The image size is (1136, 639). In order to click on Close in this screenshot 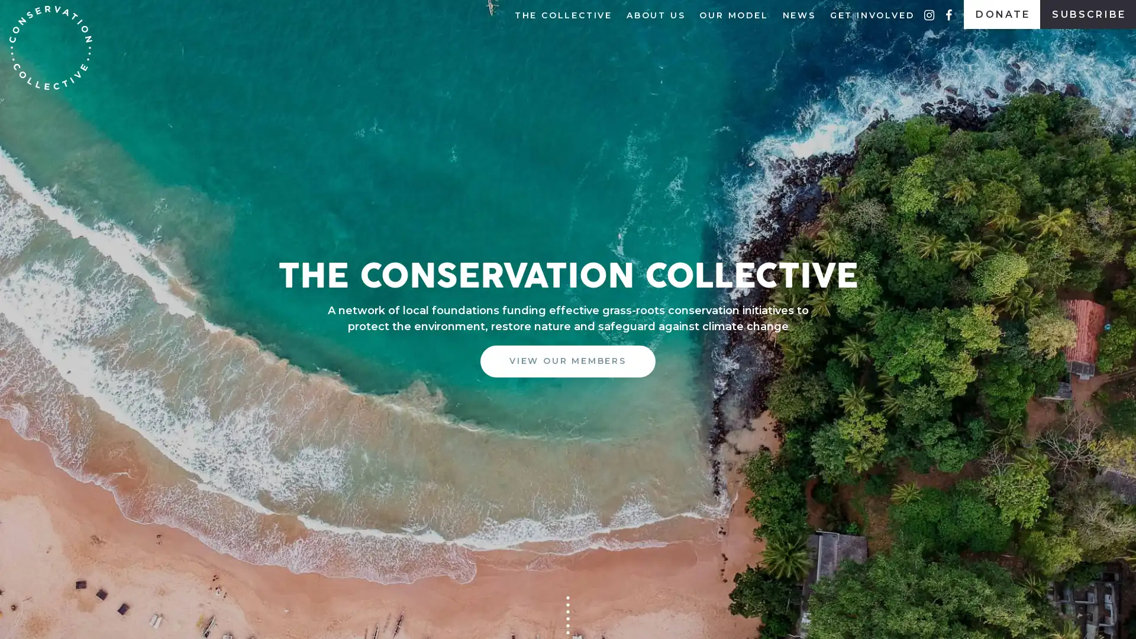, I will do `click(728, 243)`.